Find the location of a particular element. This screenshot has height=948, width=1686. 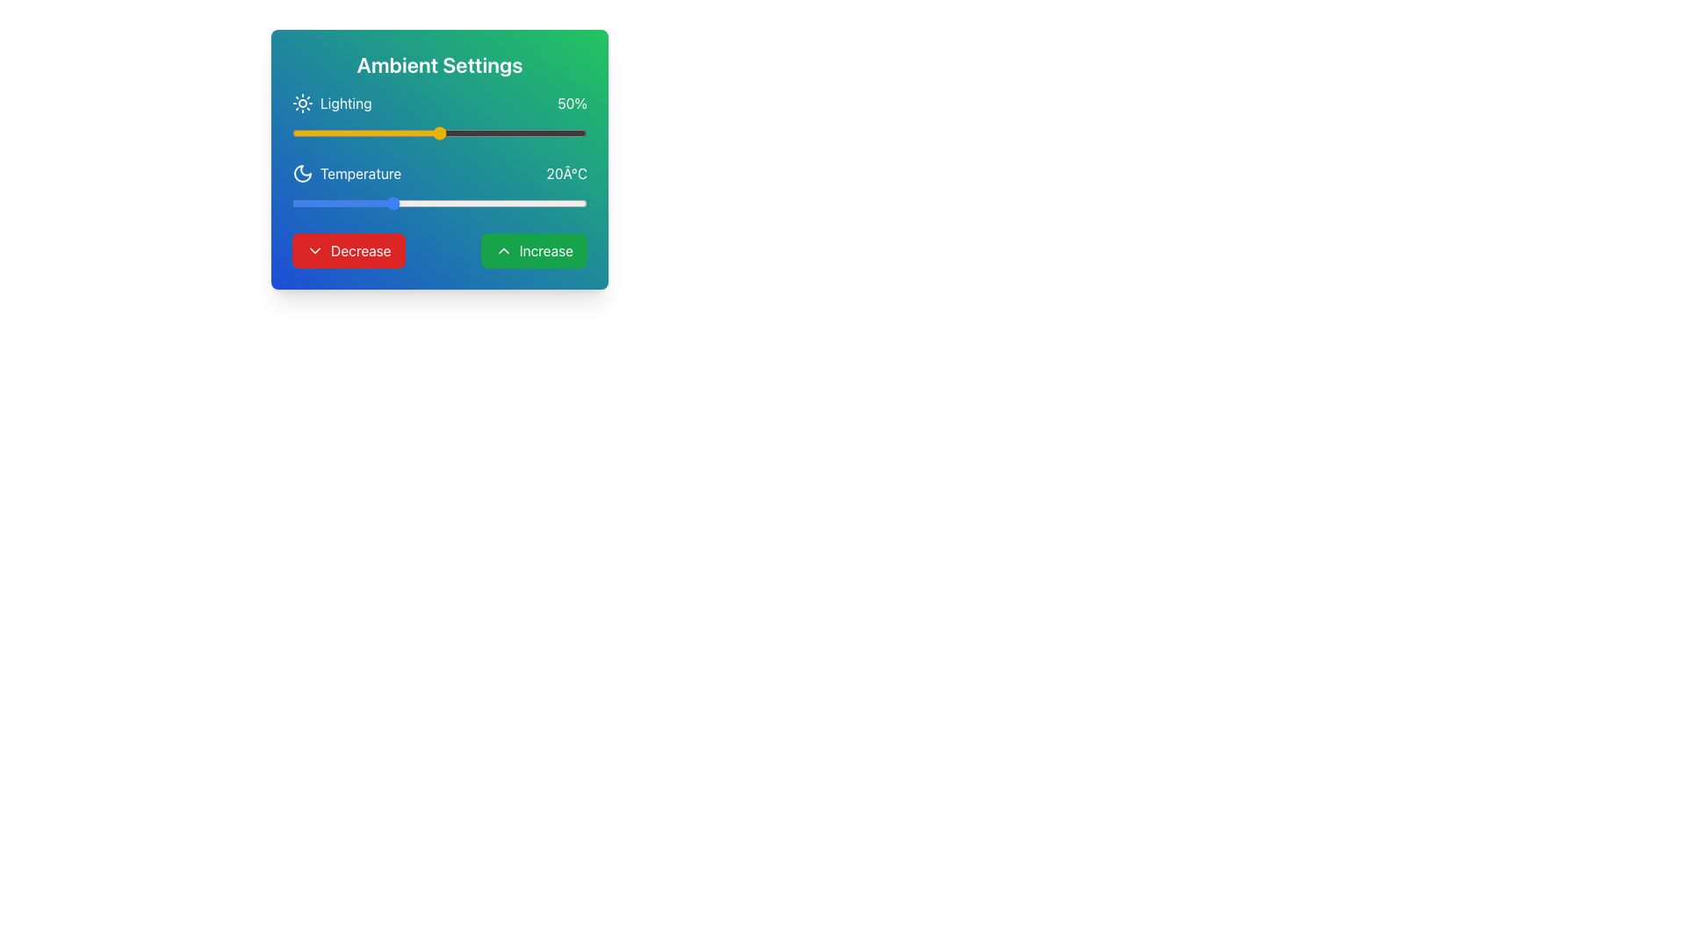

the icon representing the lighting settings feature located in the top-left section of the 'Ambient Settings' card, adjacent to the 'Lighting' label is located at coordinates (303, 104).